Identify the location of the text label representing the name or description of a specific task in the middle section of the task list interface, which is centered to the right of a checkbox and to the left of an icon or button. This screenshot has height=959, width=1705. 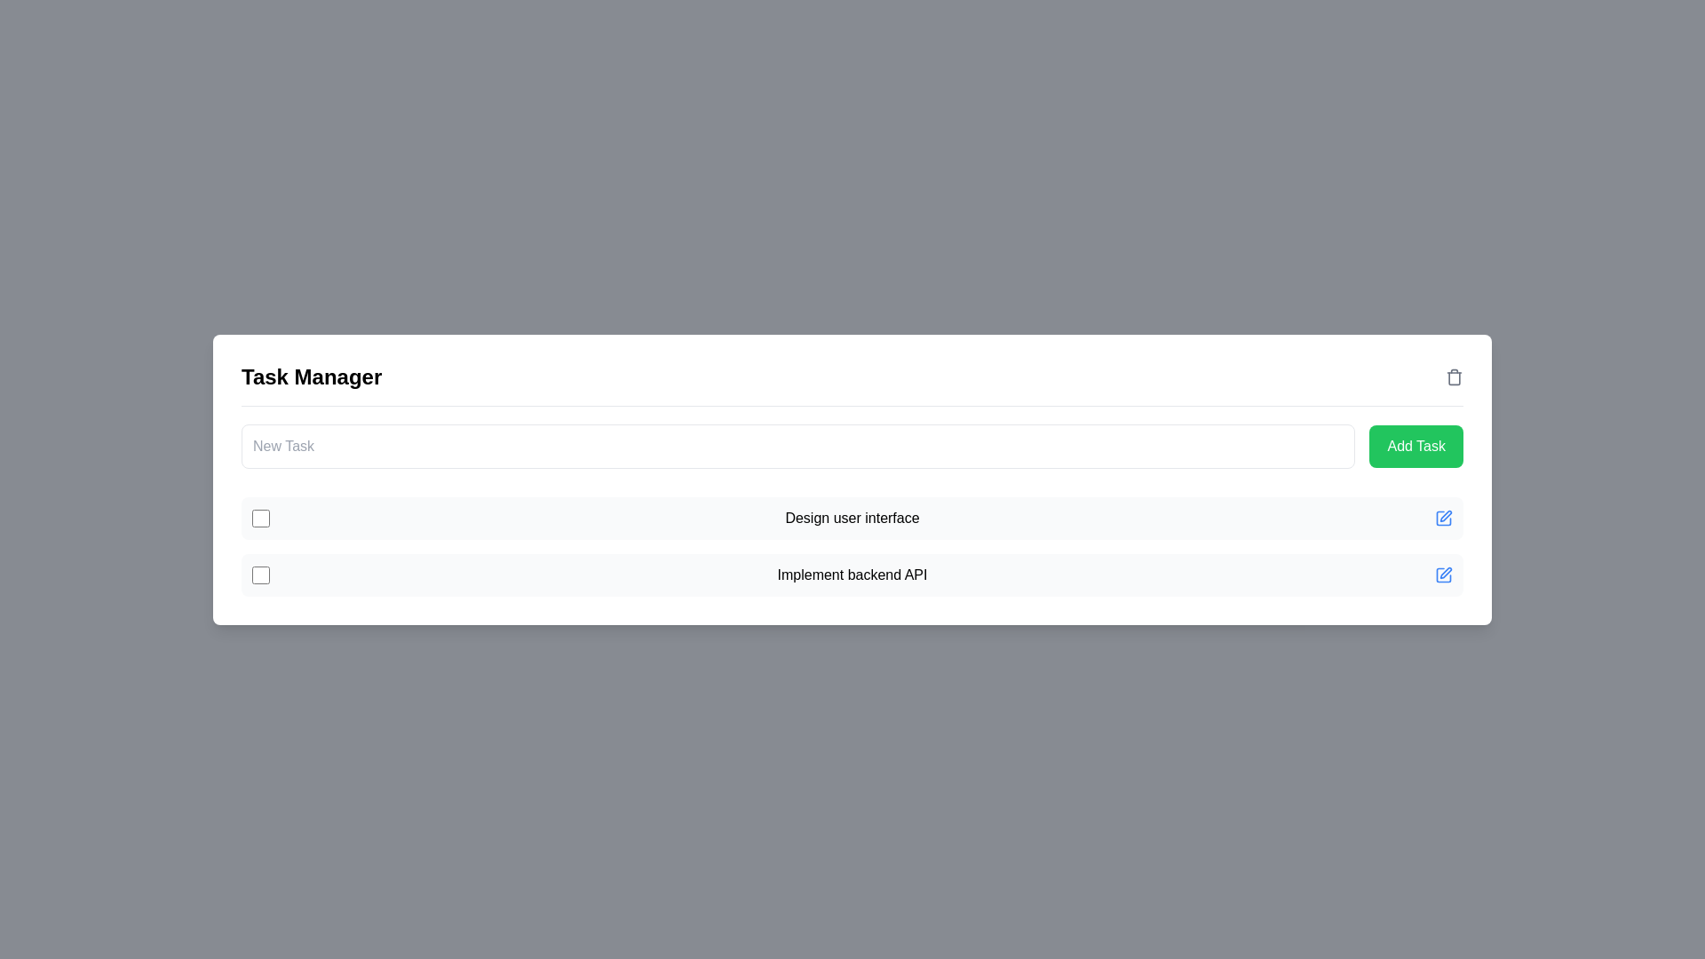
(852, 518).